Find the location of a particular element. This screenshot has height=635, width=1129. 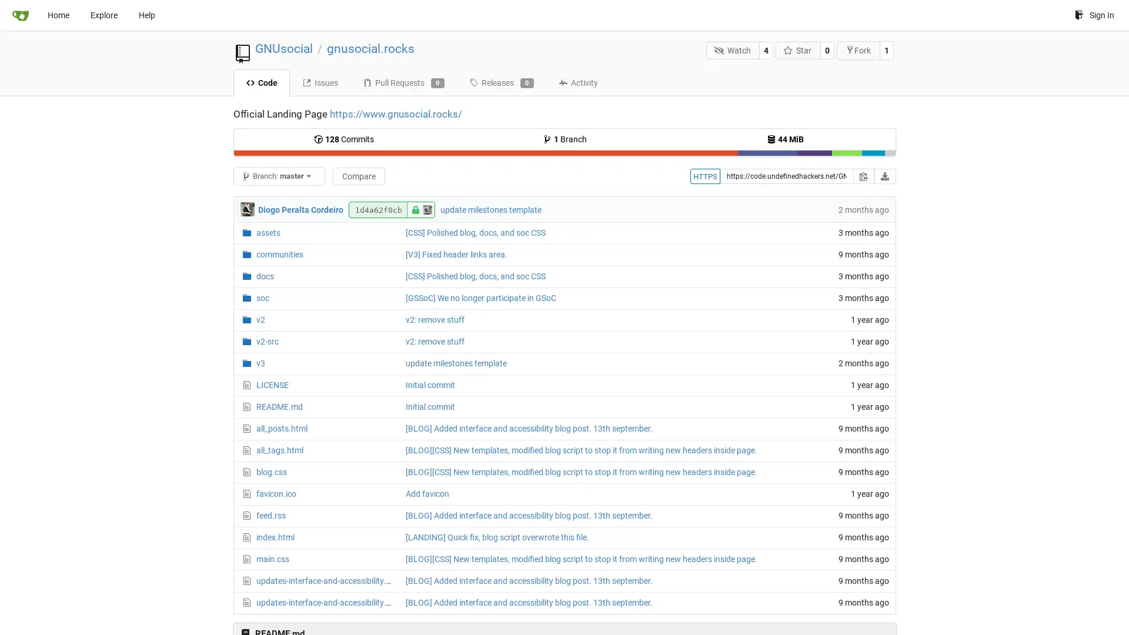

Watch is located at coordinates (732, 49).